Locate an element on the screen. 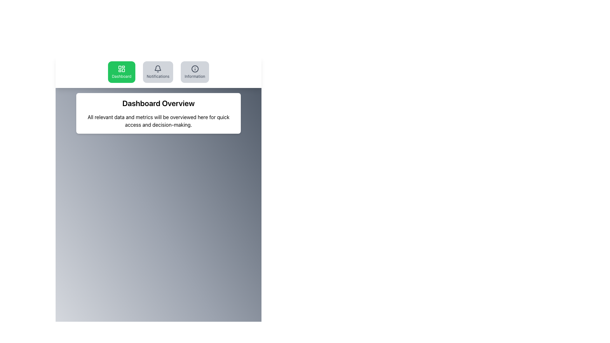  the introductory text block that provides an overview of the dashboard's purpose, located below the header section with navigation options is located at coordinates (159, 113).